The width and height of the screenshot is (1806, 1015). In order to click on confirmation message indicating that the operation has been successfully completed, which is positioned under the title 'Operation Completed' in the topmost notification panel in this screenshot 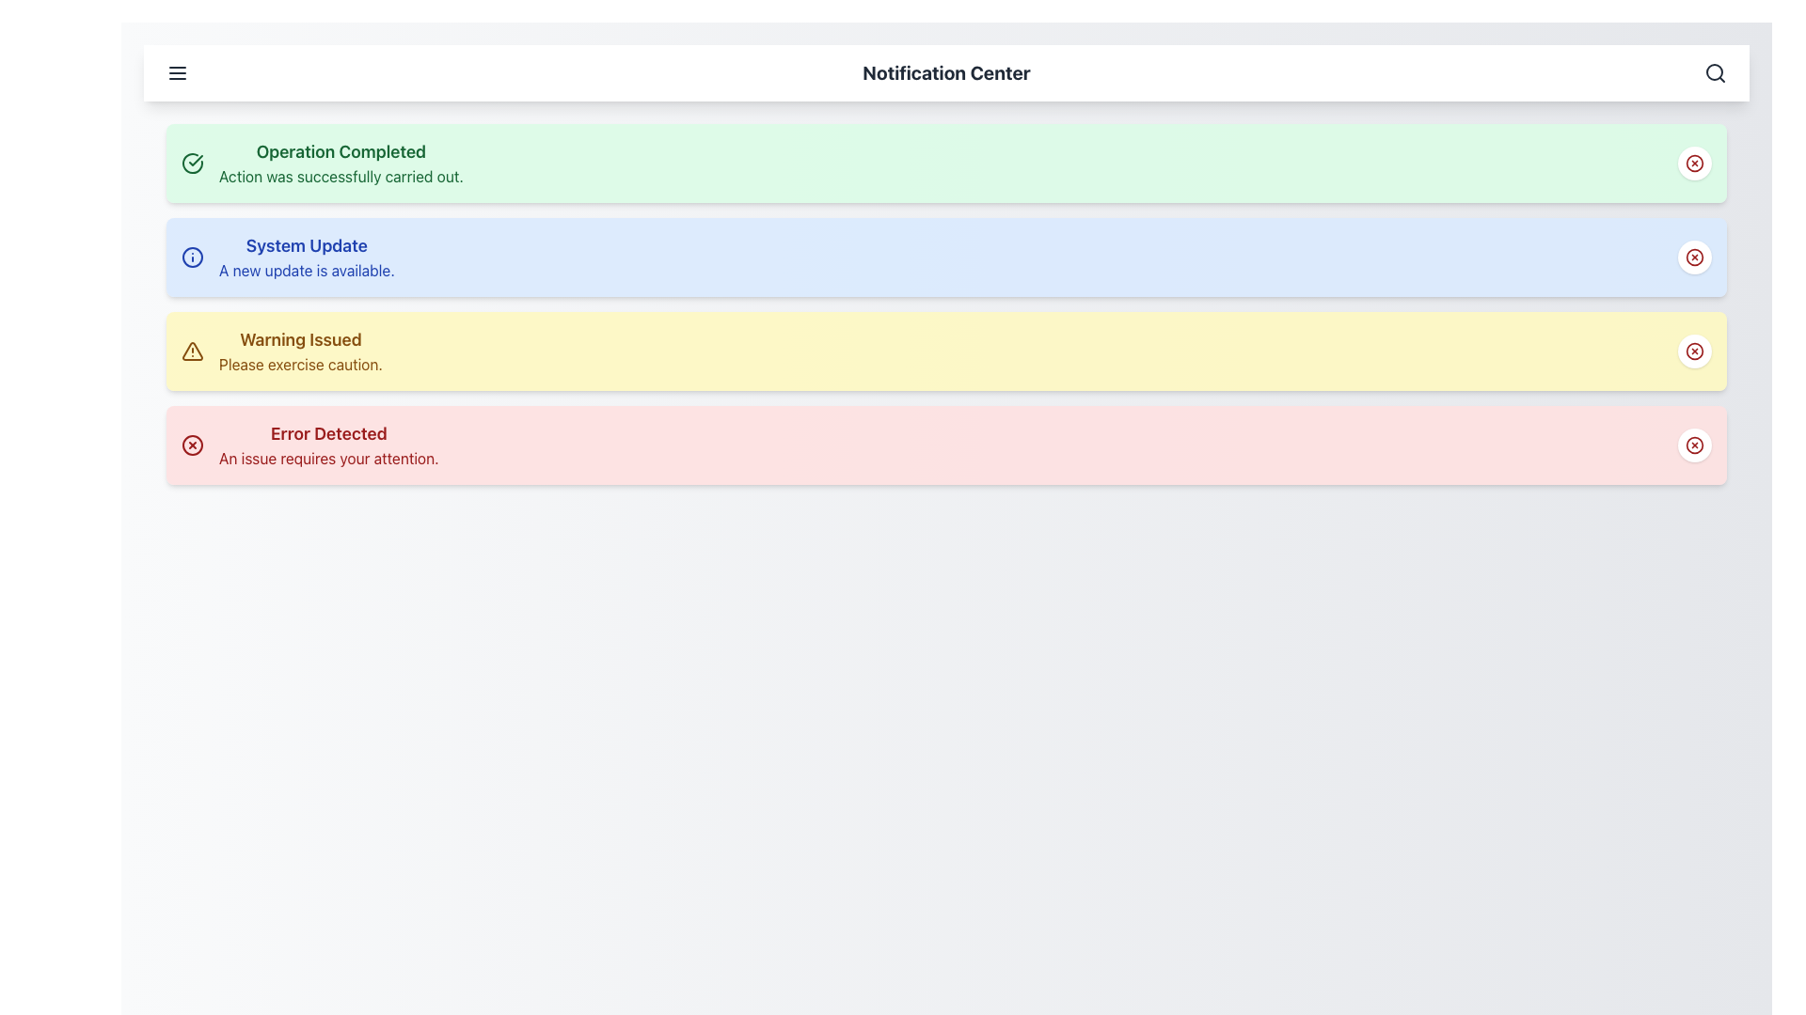, I will do `click(341, 177)`.